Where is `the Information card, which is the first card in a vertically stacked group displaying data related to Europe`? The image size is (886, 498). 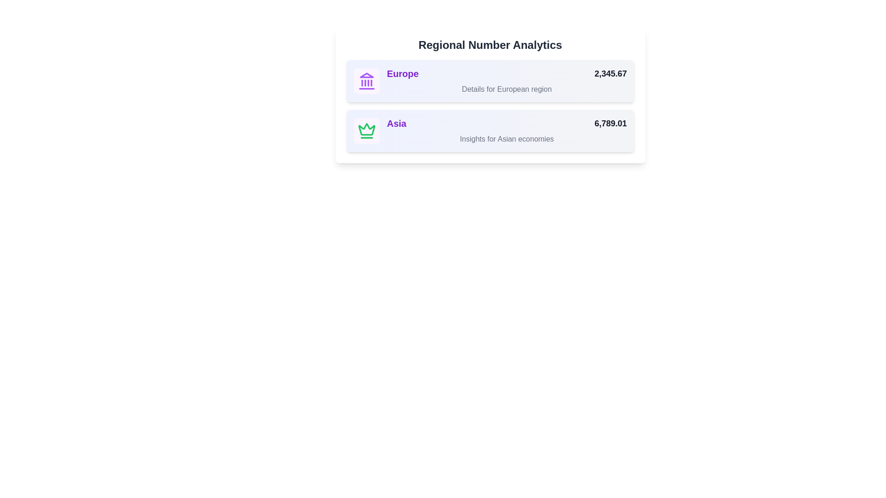 the Information card, which is the first card in a vertically stacked group displaying data related to Europe is located at coordinates (490, 81).